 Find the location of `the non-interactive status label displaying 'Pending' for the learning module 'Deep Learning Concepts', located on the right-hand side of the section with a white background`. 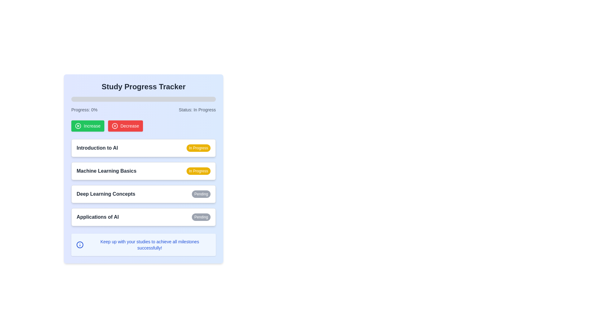

the non-interactive status label displaying 'Pending' for the learning module 'Deep Learning Concepts', located on the right-hand side of the section with a white background is located at coordinates (201, 194).